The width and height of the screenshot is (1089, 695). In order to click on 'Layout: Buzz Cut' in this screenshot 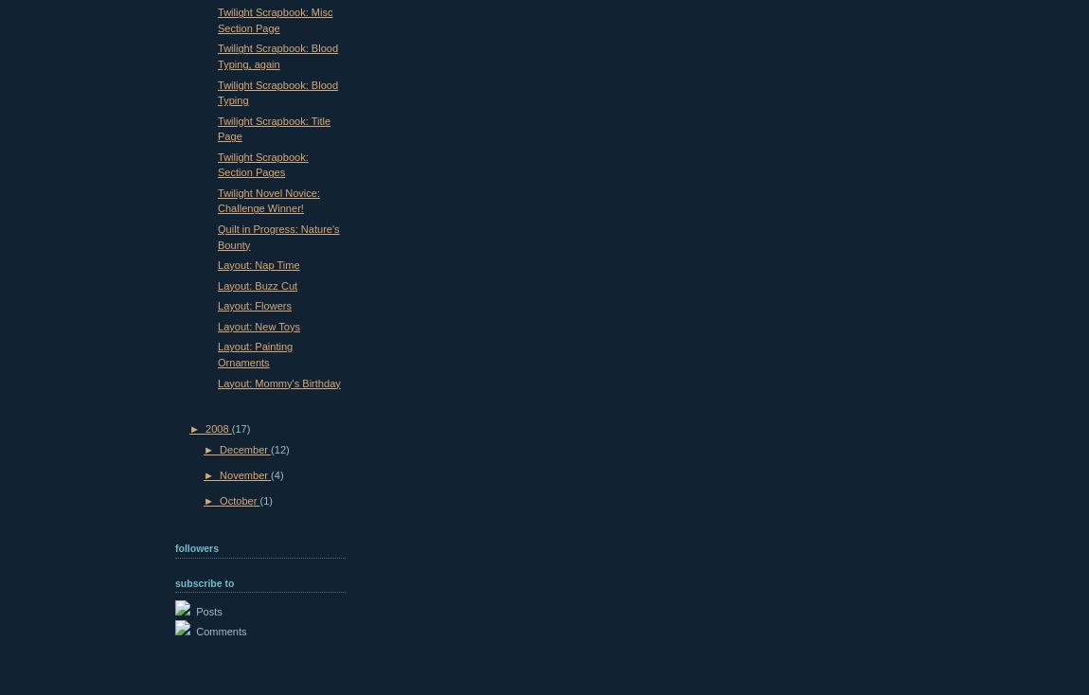, I will do `click(217, 284)`.